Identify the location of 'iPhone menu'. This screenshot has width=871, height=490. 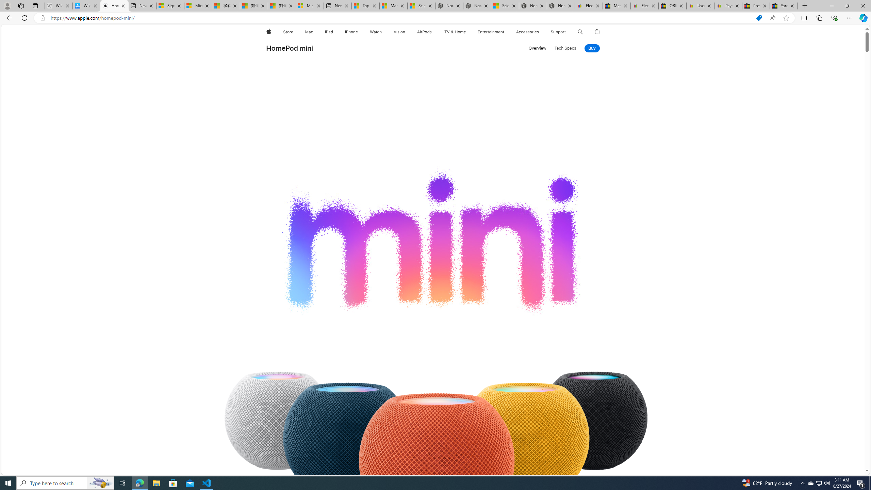
(359, 32).